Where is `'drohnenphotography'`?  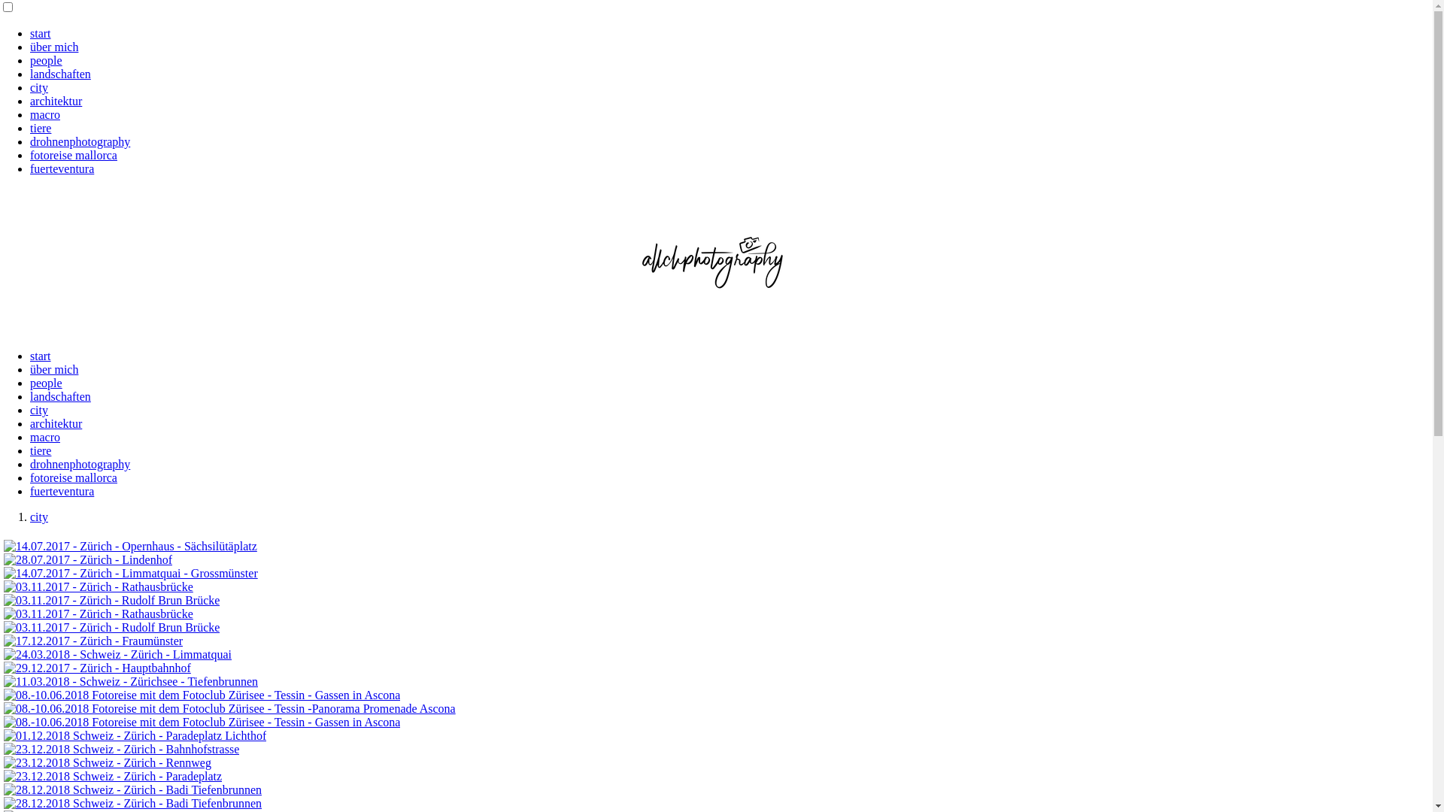 'drohnenphotography' is located at coordinates (79, 463).